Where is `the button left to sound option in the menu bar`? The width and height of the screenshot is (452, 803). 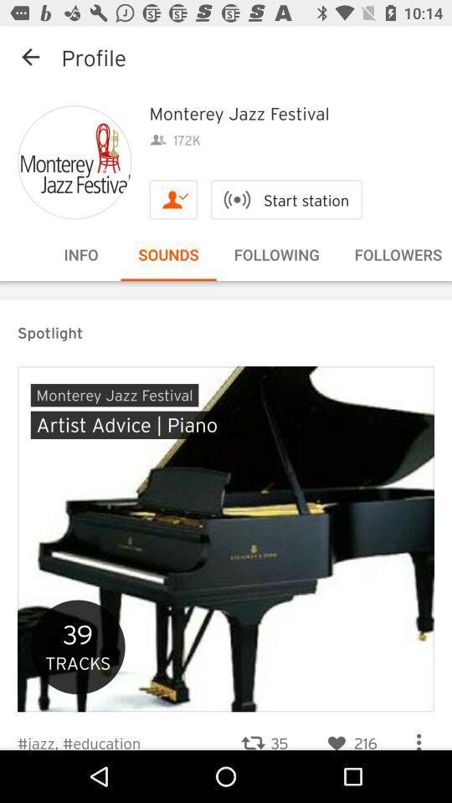 the button left to sound option in the menu bar is located at coordinates (80, 254).